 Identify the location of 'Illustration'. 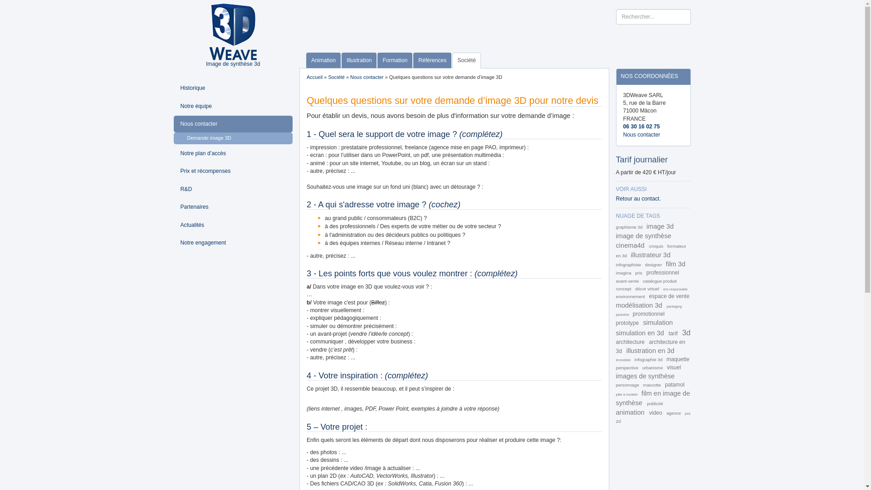
(358, 60).